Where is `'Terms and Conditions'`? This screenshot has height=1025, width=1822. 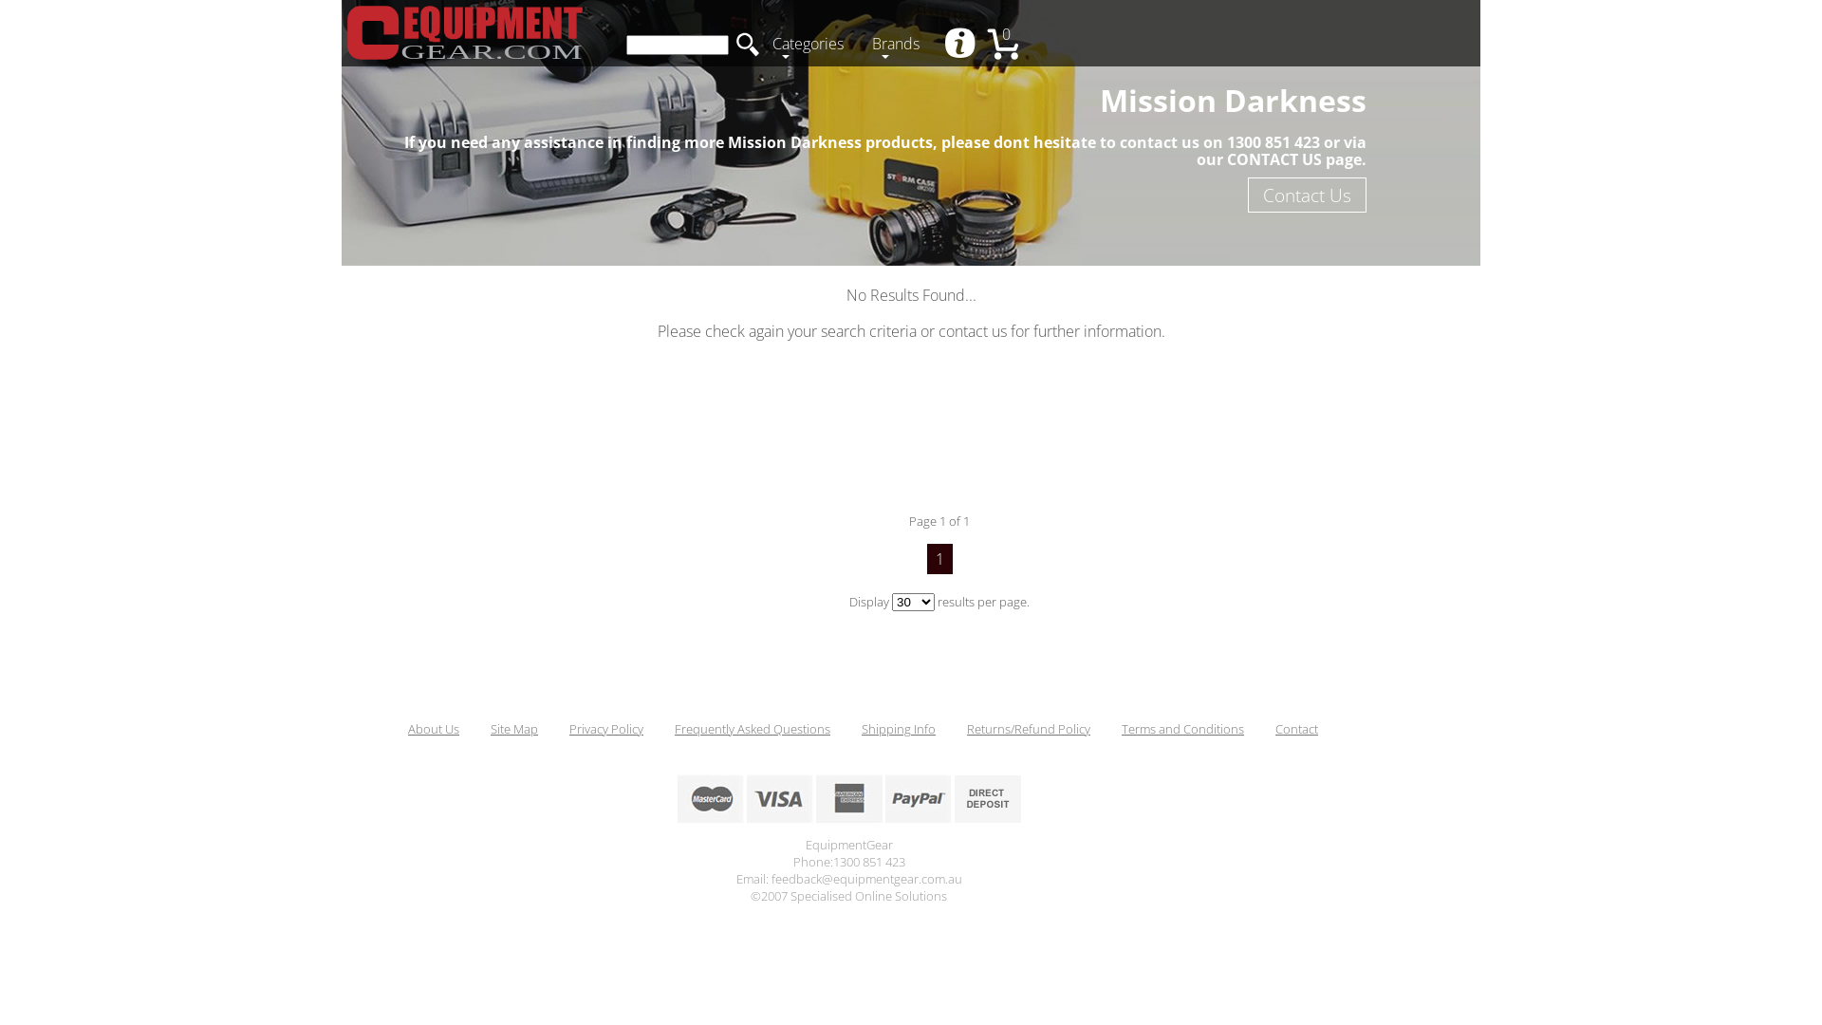 'Terms and Conditions' is located at coordinates (1121, 727).